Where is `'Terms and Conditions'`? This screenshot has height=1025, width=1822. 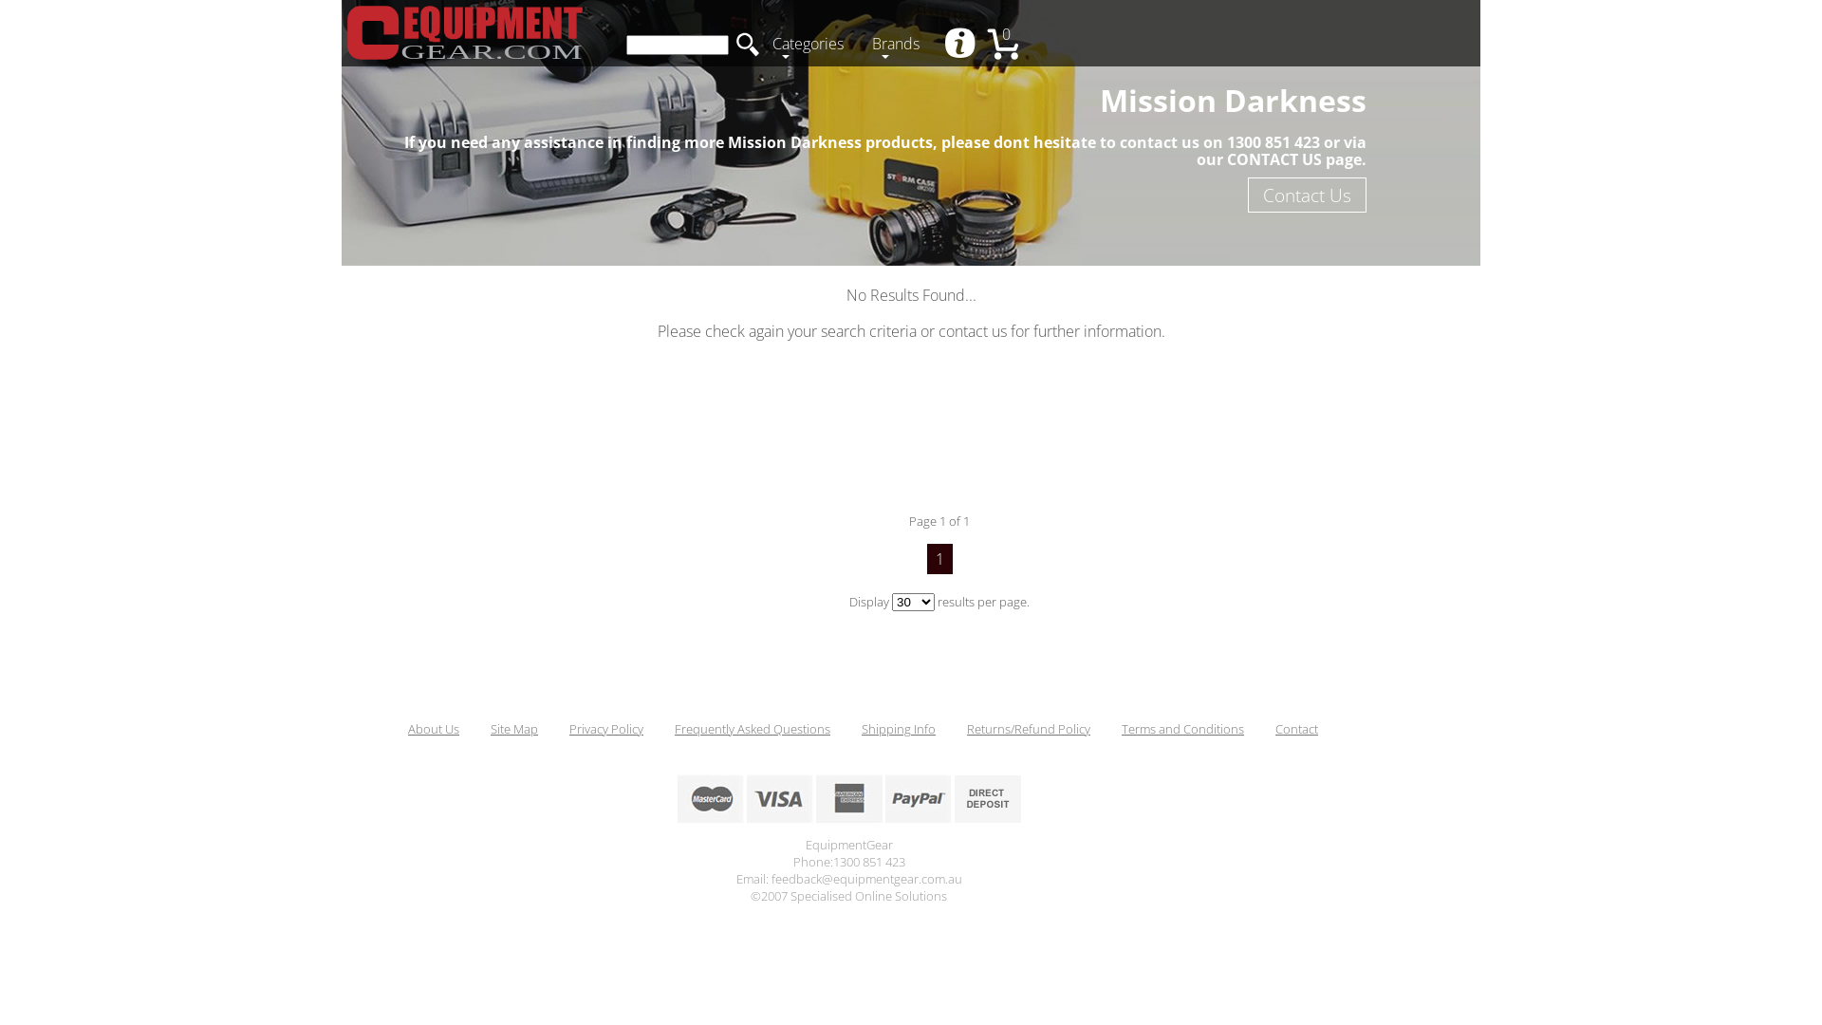 'Terms and Conditions' is located at coordinates (1121, 727).